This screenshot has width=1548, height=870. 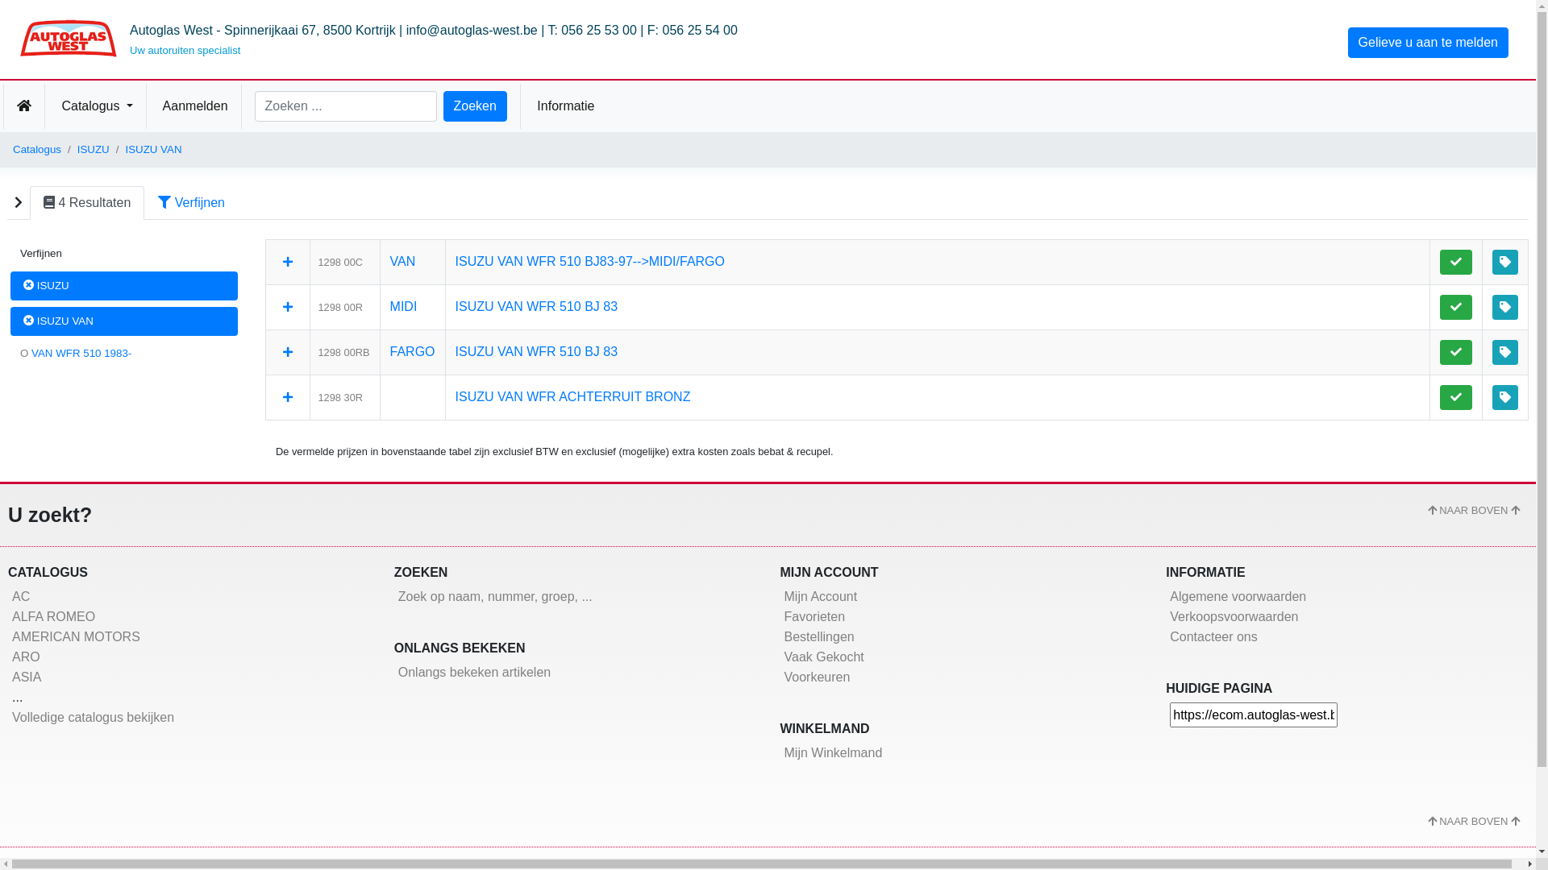 I want to click on 'NAAR BOVEN', so click(x=1428, y=510).